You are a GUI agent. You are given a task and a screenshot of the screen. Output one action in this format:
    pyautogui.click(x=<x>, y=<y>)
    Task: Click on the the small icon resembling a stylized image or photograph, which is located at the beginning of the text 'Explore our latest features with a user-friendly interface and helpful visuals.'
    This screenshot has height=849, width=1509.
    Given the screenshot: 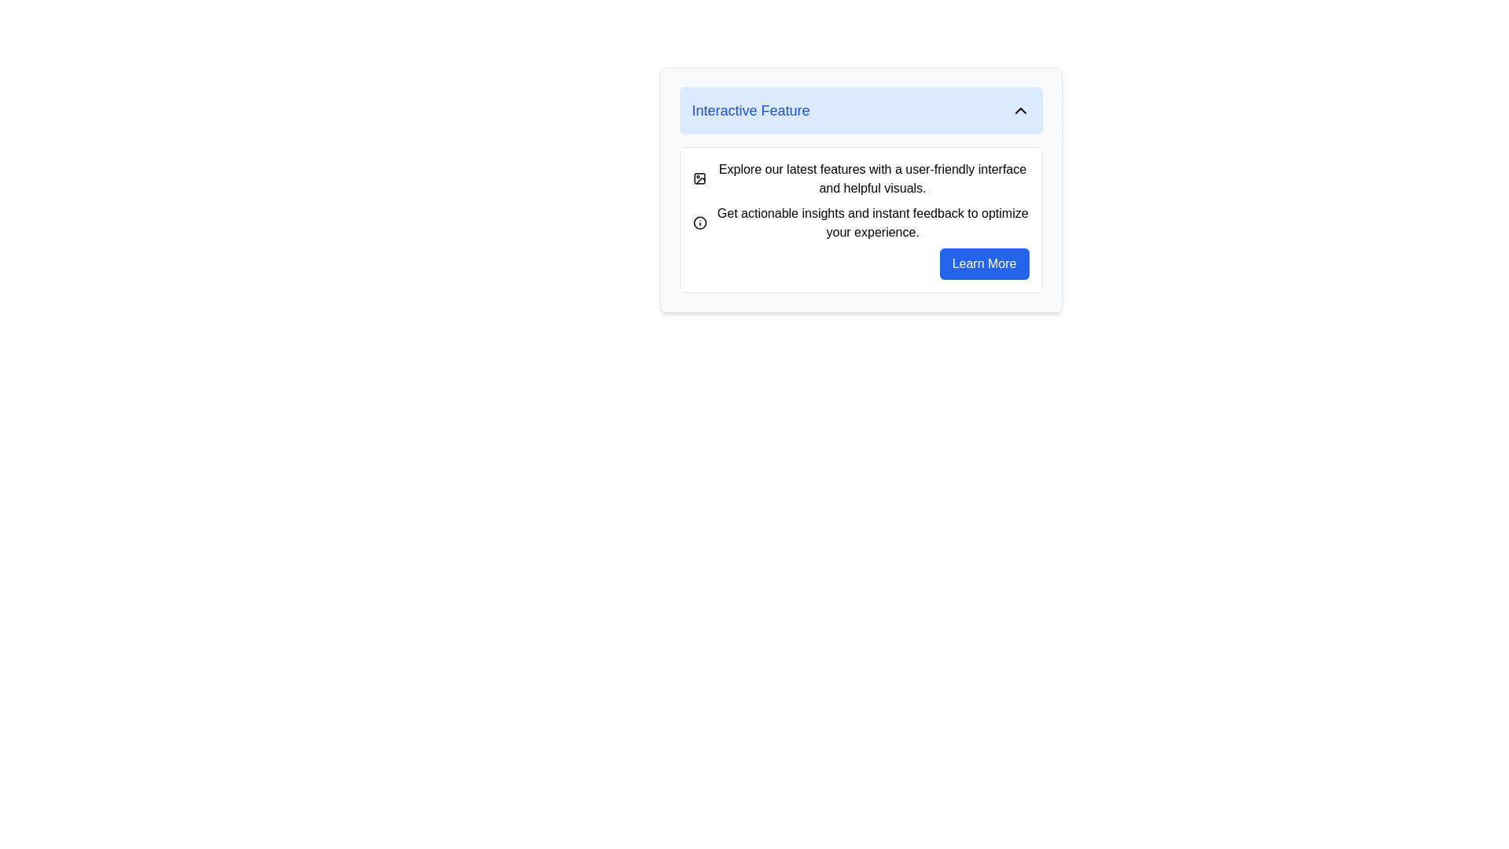 What is the action you would take?
    pyautogui.click(x=699, y=178)
    